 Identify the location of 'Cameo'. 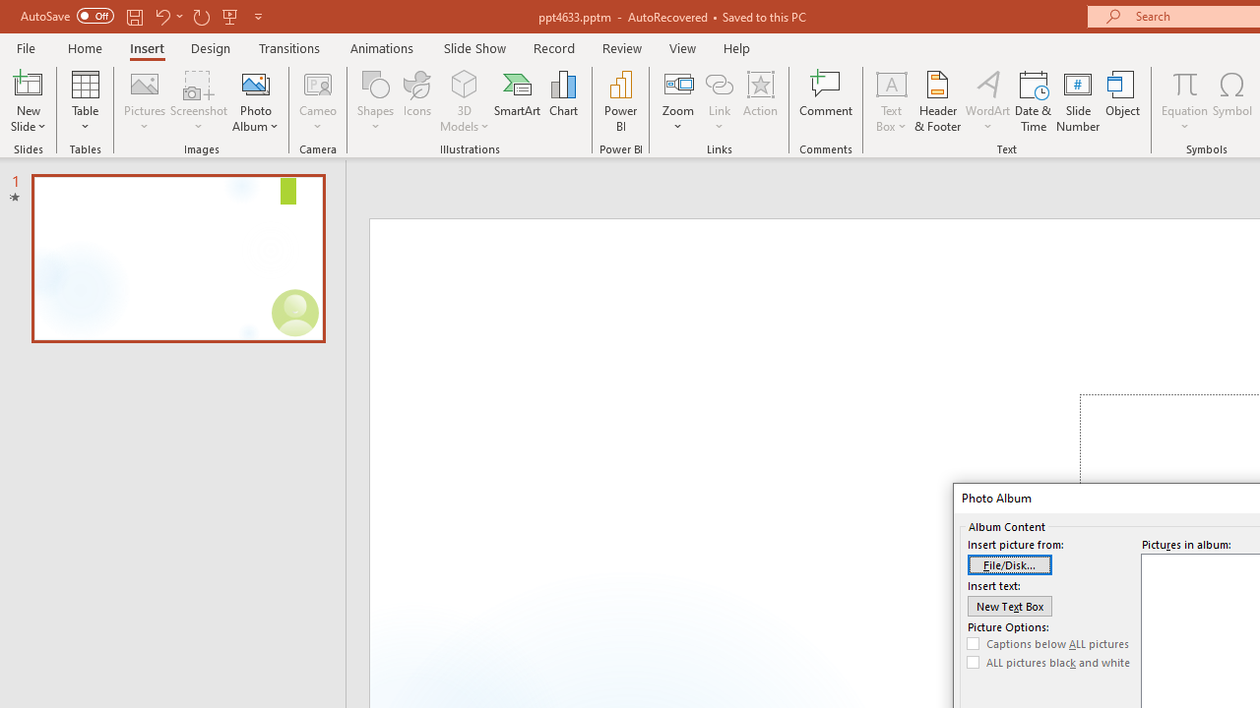
(318, 101).